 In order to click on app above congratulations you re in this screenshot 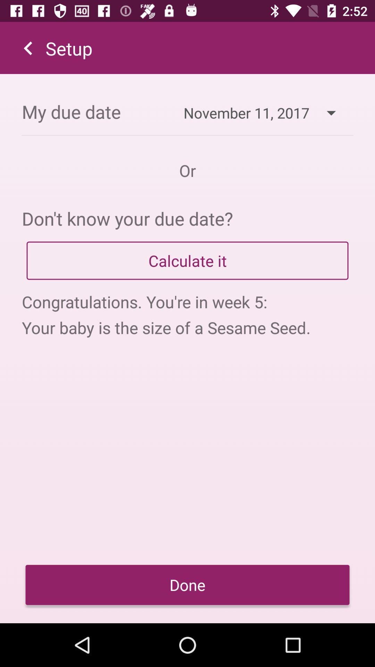, I will do `click(187, 260)`.